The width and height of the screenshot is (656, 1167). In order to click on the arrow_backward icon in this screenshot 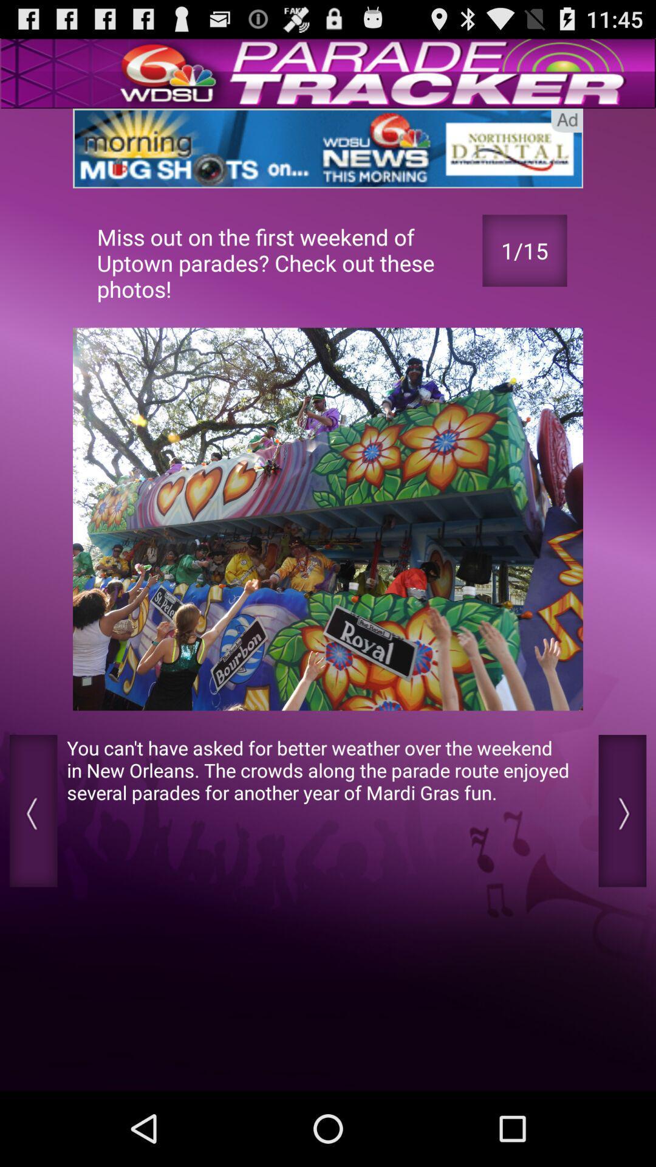, I will do `click(33, 867)`.